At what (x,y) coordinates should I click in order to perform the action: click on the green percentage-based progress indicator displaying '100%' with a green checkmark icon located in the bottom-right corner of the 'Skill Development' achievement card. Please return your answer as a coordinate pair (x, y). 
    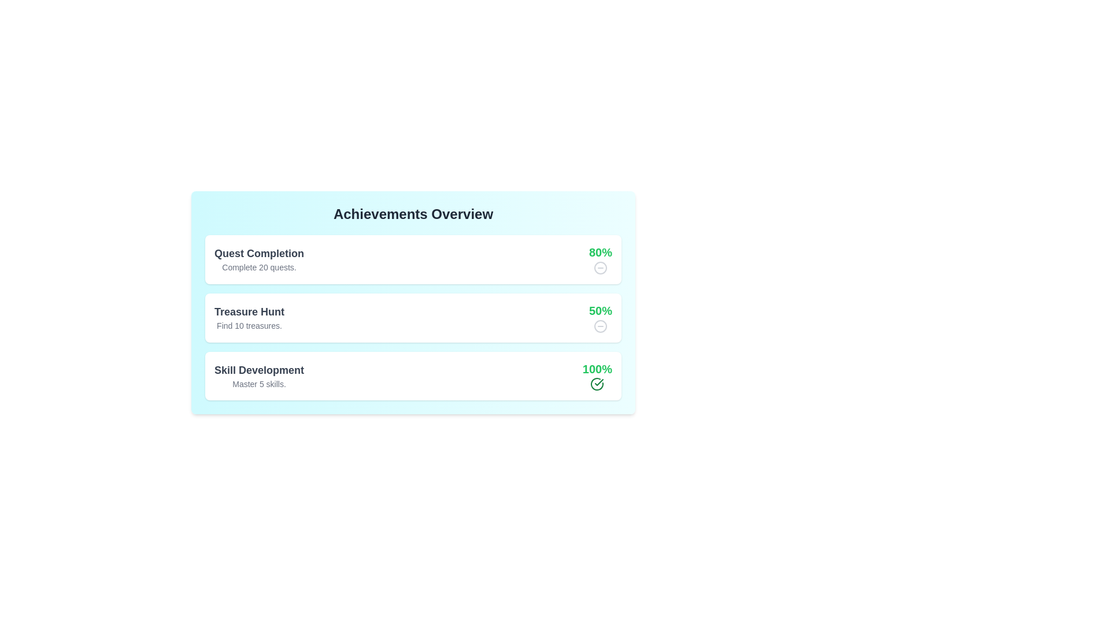
    Looking at the image, I should click on (597, 376).